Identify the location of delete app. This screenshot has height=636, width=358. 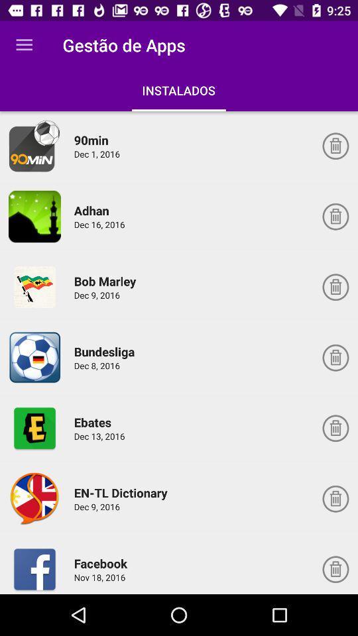
(335, 216).